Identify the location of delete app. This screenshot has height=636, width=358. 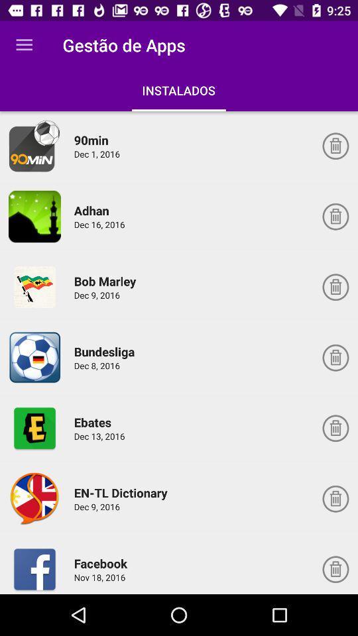
(335, 216).